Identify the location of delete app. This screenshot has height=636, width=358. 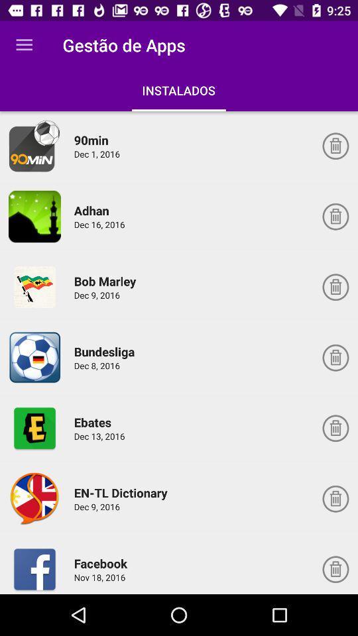
(335, 216).